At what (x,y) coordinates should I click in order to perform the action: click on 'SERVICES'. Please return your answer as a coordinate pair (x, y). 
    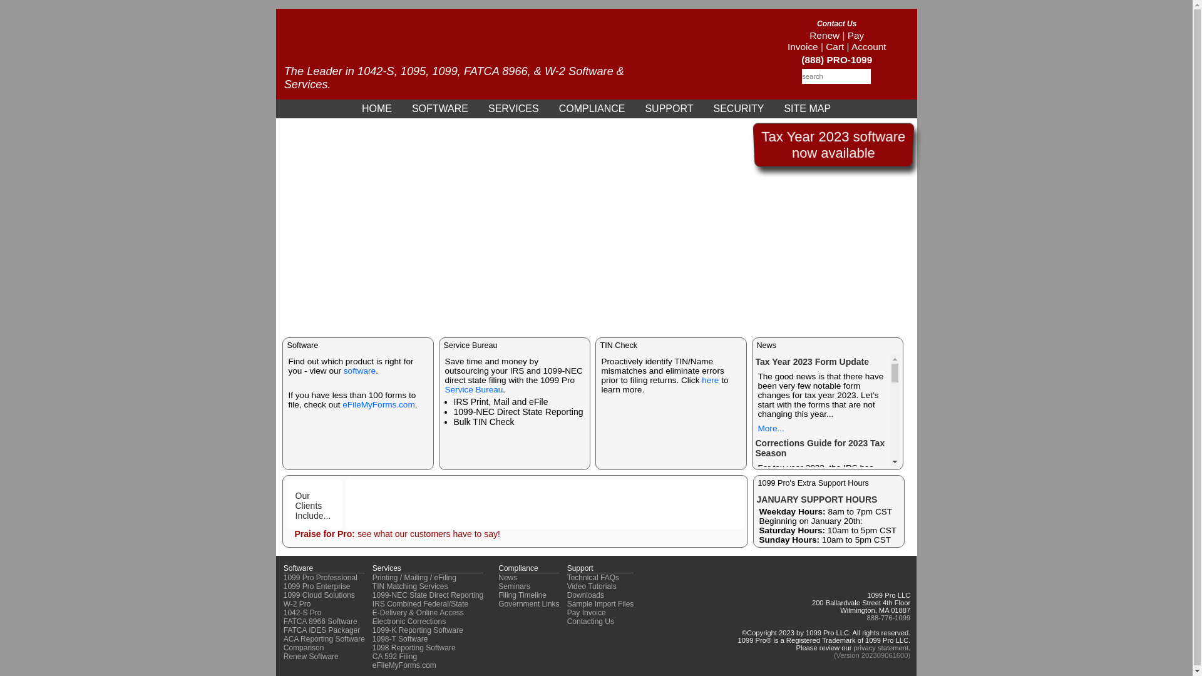
    Looking at the image, I should click on (513, 108).